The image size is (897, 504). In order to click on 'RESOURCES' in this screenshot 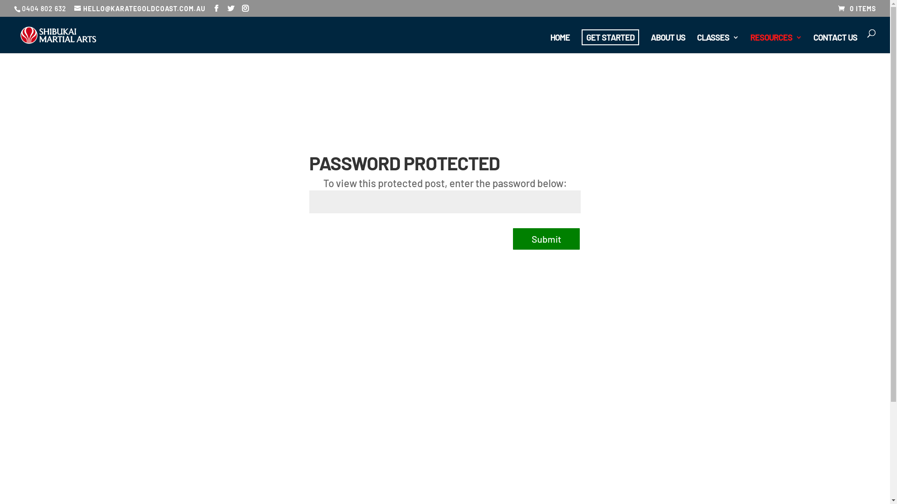, I will do `click(776, 43)`.